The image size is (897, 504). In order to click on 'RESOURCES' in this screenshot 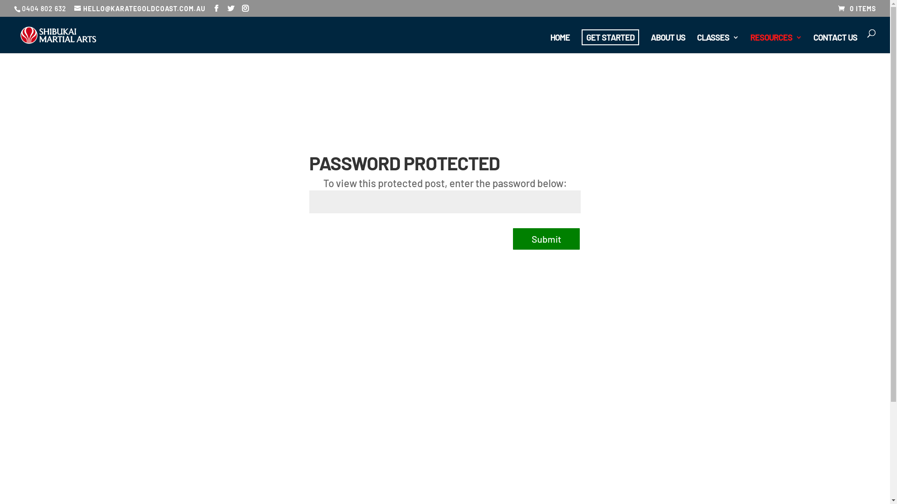, I will do `click(776, 43)`.